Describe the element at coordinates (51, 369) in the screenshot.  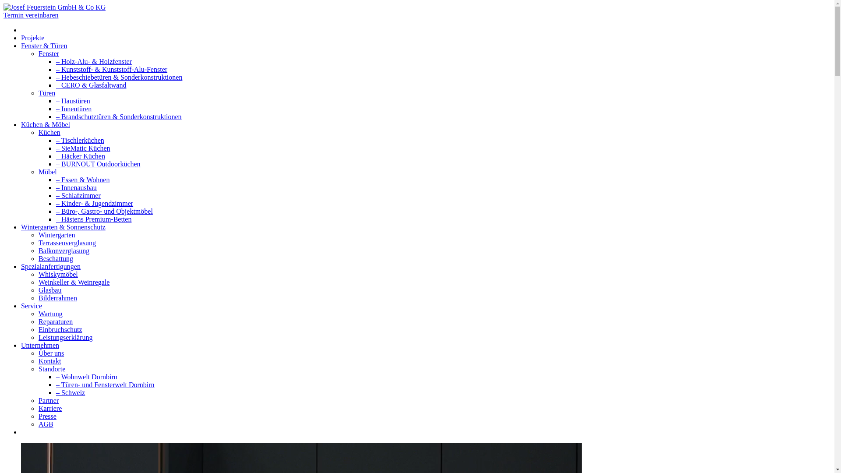
I see `'Standorte'` at that location.